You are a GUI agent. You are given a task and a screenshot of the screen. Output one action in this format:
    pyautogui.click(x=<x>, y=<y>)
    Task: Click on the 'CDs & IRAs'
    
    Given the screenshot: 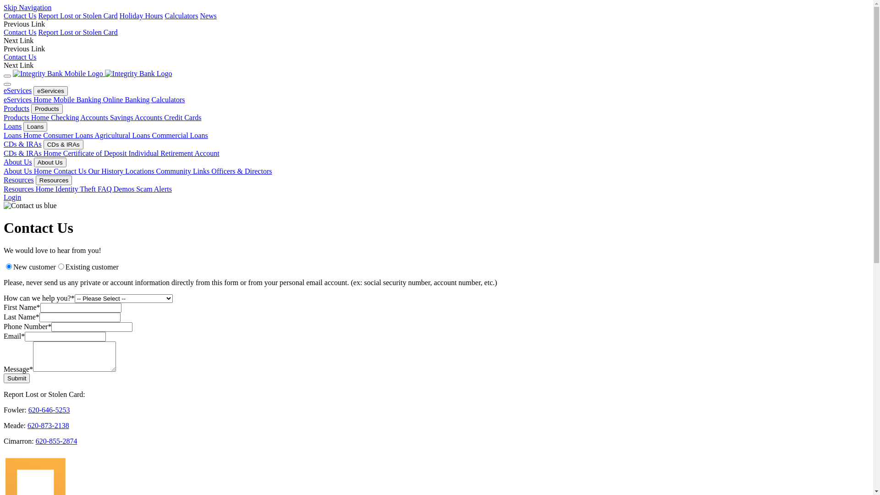 What is the action you would take?
    pyautogui.click(x=63, y=144)
    